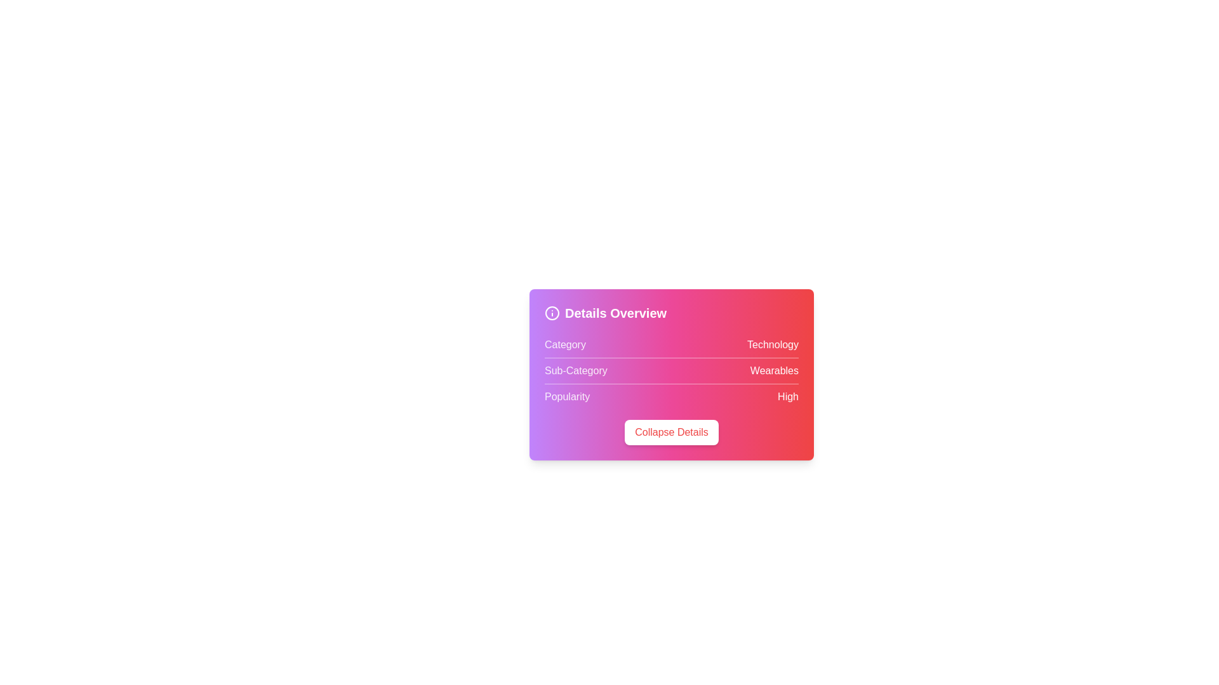  What do you see at coordinates (773, 371) in the screenshot?
I see `the static text label displaying 'Wearables', which indicates the current sub-category in the 'Details Overview' section` at bounding box center [773, 371].